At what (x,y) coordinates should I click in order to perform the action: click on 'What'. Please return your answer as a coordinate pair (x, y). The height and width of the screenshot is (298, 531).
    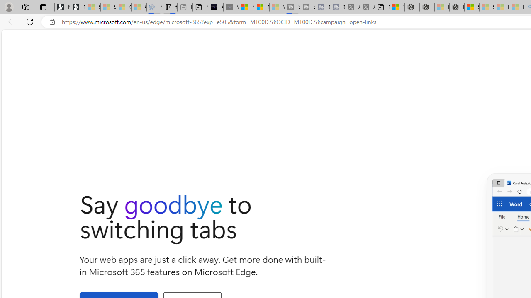
    Looking at the image, I should click on (231, 7).